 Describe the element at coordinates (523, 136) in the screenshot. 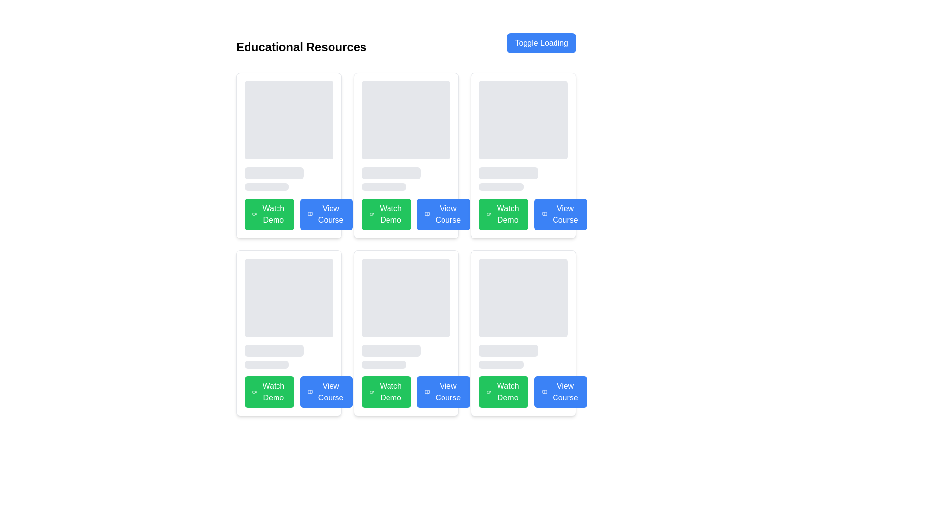

I see `the visual placeholder located in the third card from the left in the first row of a grid layout, which indicates where dynamic content will appear` at that location.